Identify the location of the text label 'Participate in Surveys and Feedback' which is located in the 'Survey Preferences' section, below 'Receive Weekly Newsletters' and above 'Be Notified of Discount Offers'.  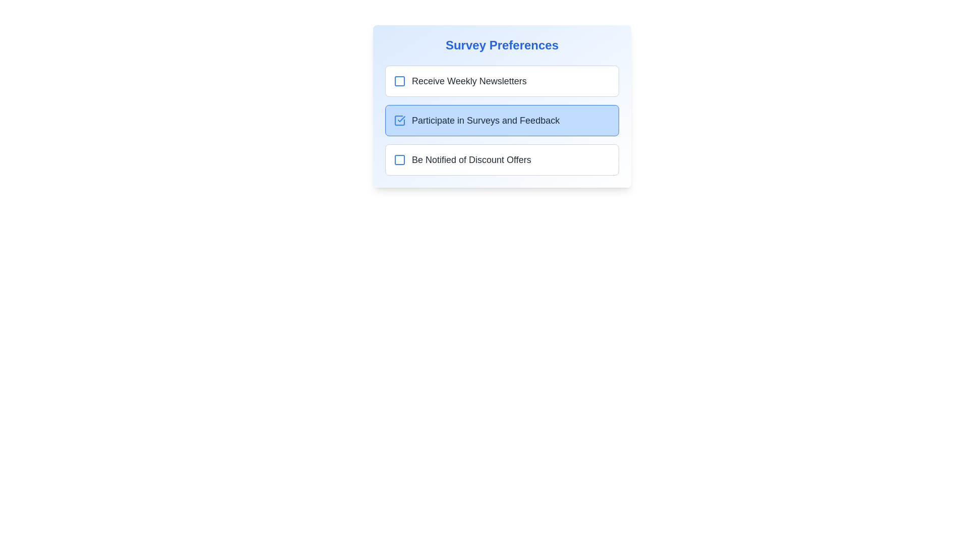
(476, 120).